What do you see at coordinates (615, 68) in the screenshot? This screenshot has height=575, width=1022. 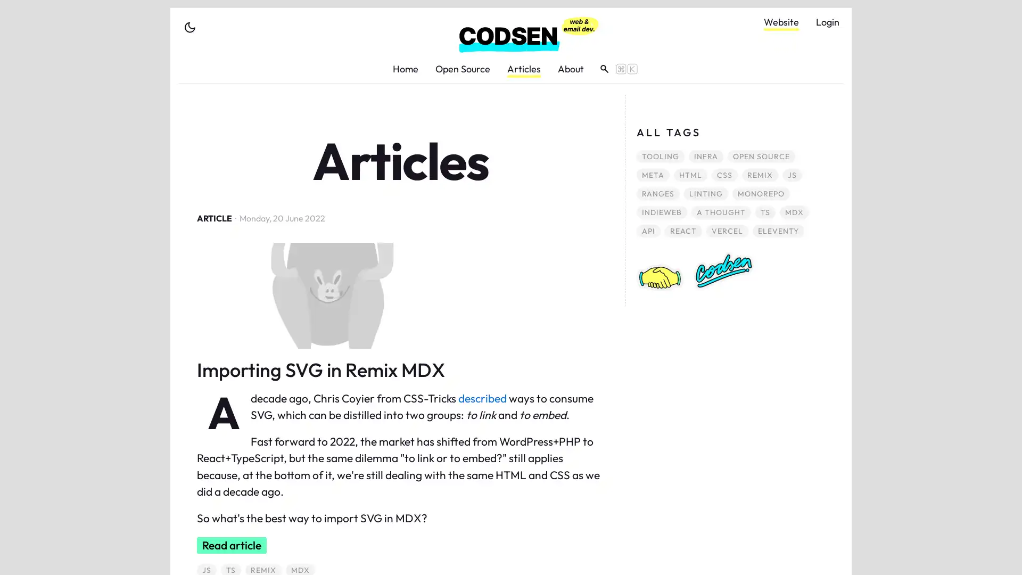 I see `Toggle search` at bounding box center [615, 68].